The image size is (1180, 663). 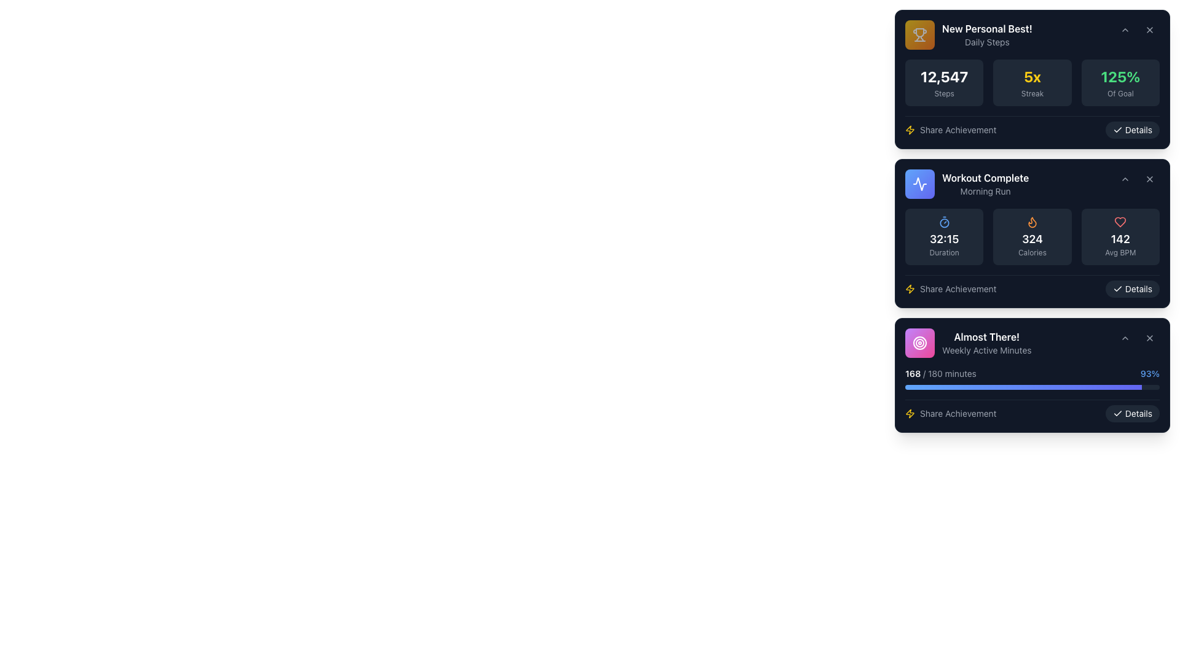 What do you see at coordinates (1125, 179) in the screenshot?
I see `the button located in the top-right corner of the 'Workout Complete' section` at bounding box center [1125, 179].